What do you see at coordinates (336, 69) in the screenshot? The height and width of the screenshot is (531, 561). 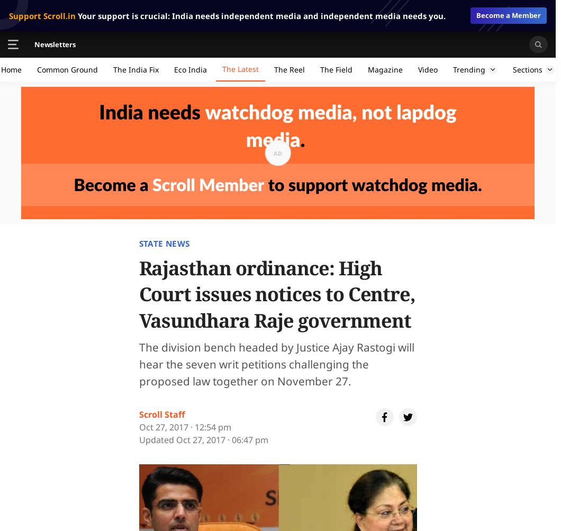 I see `'The Field'` at bounding box center [336, 69].